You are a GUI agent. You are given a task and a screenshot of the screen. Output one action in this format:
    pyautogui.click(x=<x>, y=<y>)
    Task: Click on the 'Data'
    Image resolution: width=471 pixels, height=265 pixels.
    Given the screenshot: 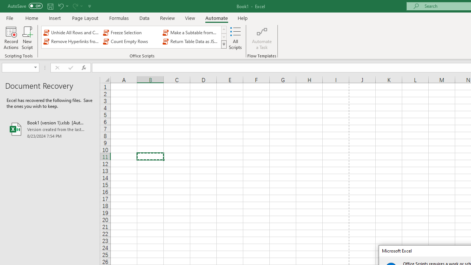 What is the action you would take?
    pyautogui.click(x=144, y=18)
    